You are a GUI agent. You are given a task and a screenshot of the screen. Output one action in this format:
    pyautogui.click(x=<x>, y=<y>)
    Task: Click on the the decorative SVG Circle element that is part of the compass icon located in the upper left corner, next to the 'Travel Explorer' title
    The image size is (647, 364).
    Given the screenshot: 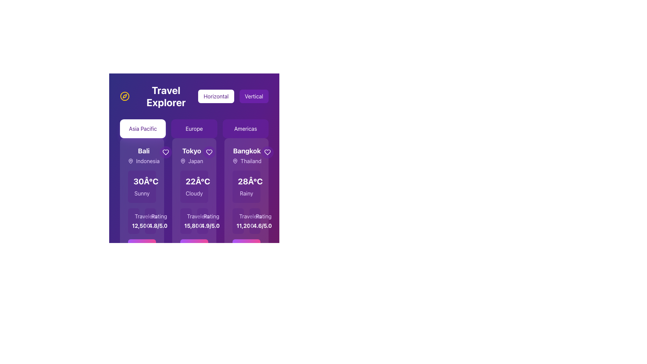 What is the action you would take?
    pyautogui.click(x=125, y=96)
    